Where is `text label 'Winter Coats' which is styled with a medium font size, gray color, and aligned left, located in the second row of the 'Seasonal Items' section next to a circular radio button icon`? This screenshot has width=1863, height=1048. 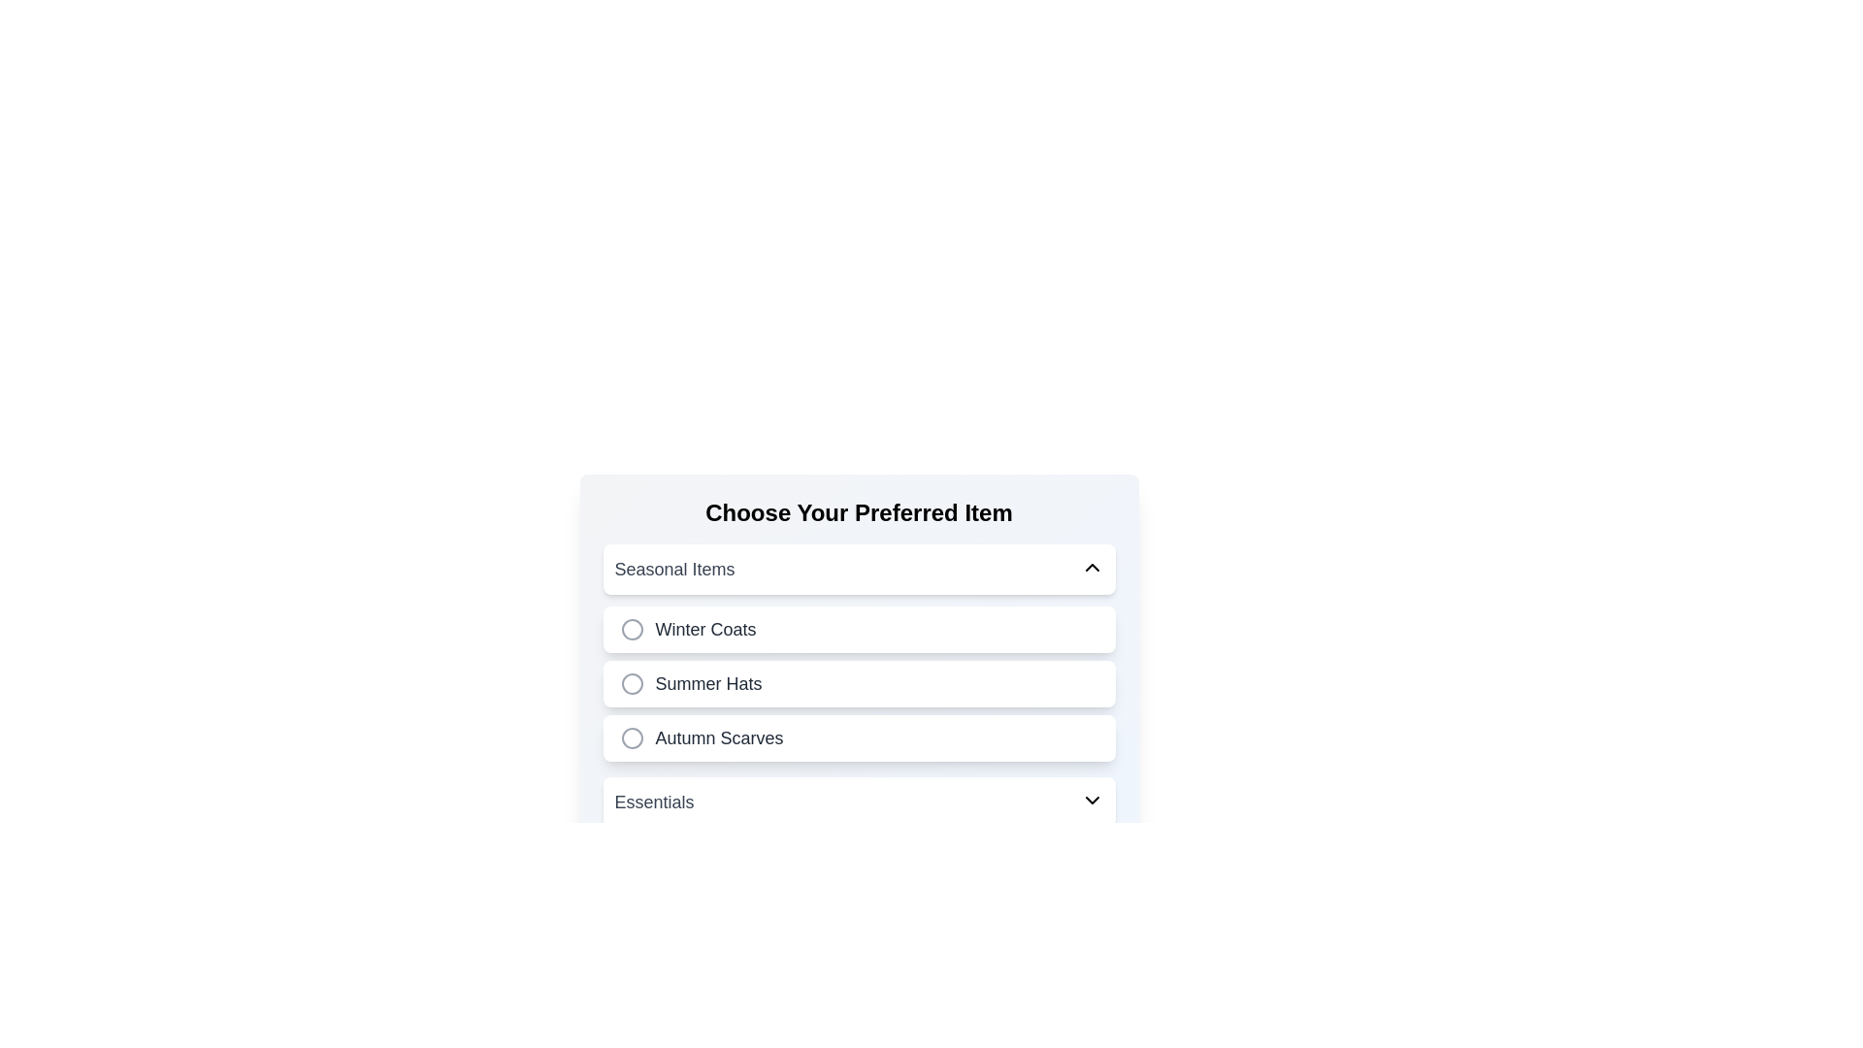 text label 'Winter Coats' which is styled with a medium font size, gray color, and aligned left, located in the second row of the 'Seasonal Items' section next to a circular radio button icon is located at coordinates (704, 629).